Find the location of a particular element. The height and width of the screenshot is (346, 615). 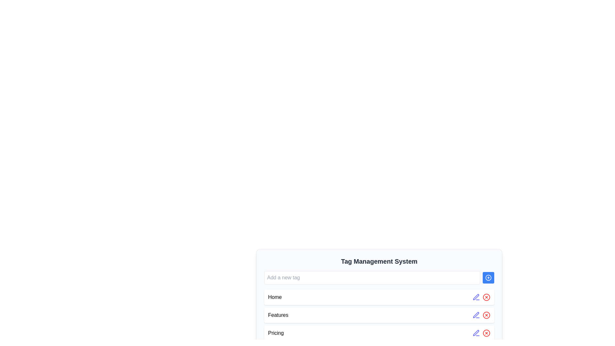

the 'Add a tag' button located near the right end of the input field labeled 'Add a new tag' is located at coordinates (488, 277).